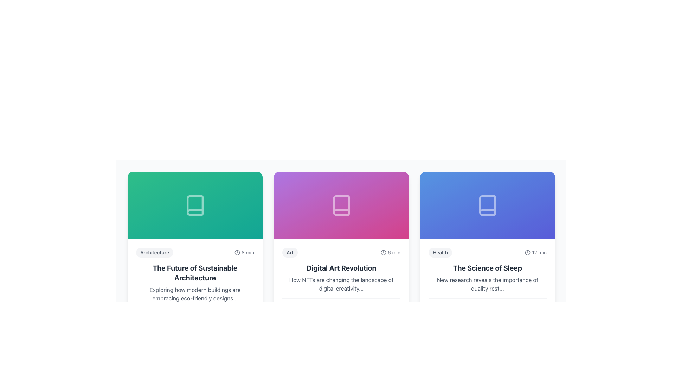  Describe the element at coordinates (487, 252) in the screenshot. I see `content categorized under 'Health' with an anticipated reading time of '12 minutes', located at the top of the rightmost card section` at that location.